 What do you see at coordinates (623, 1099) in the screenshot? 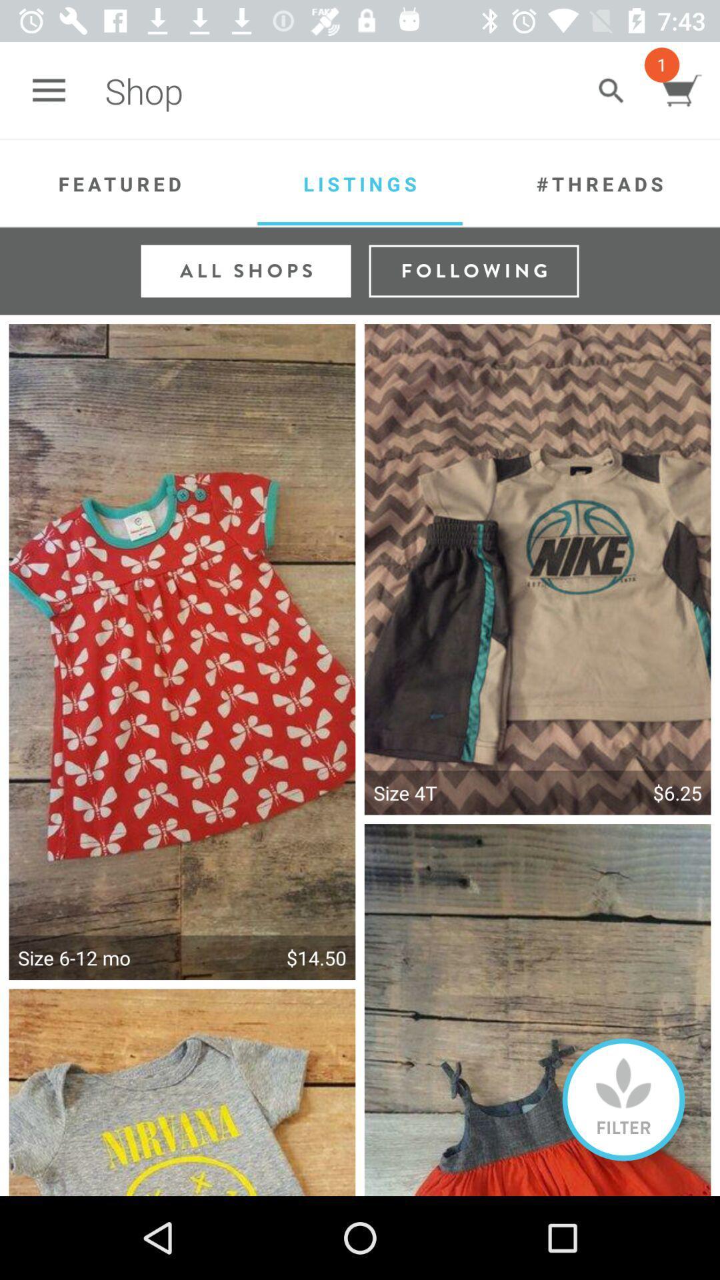
I see `on` at bounding box center [623, 1099].